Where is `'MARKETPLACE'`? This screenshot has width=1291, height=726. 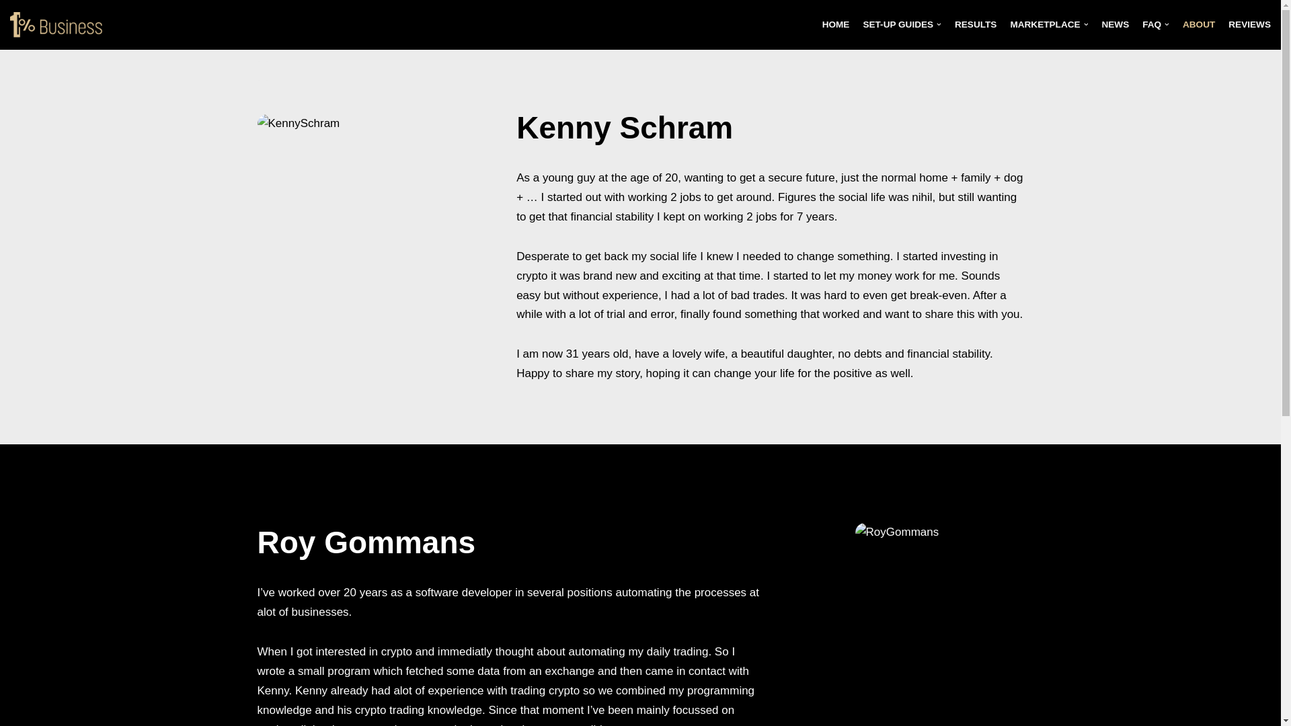
'MARKETPLACE' is located at coordinates (1048, 24).